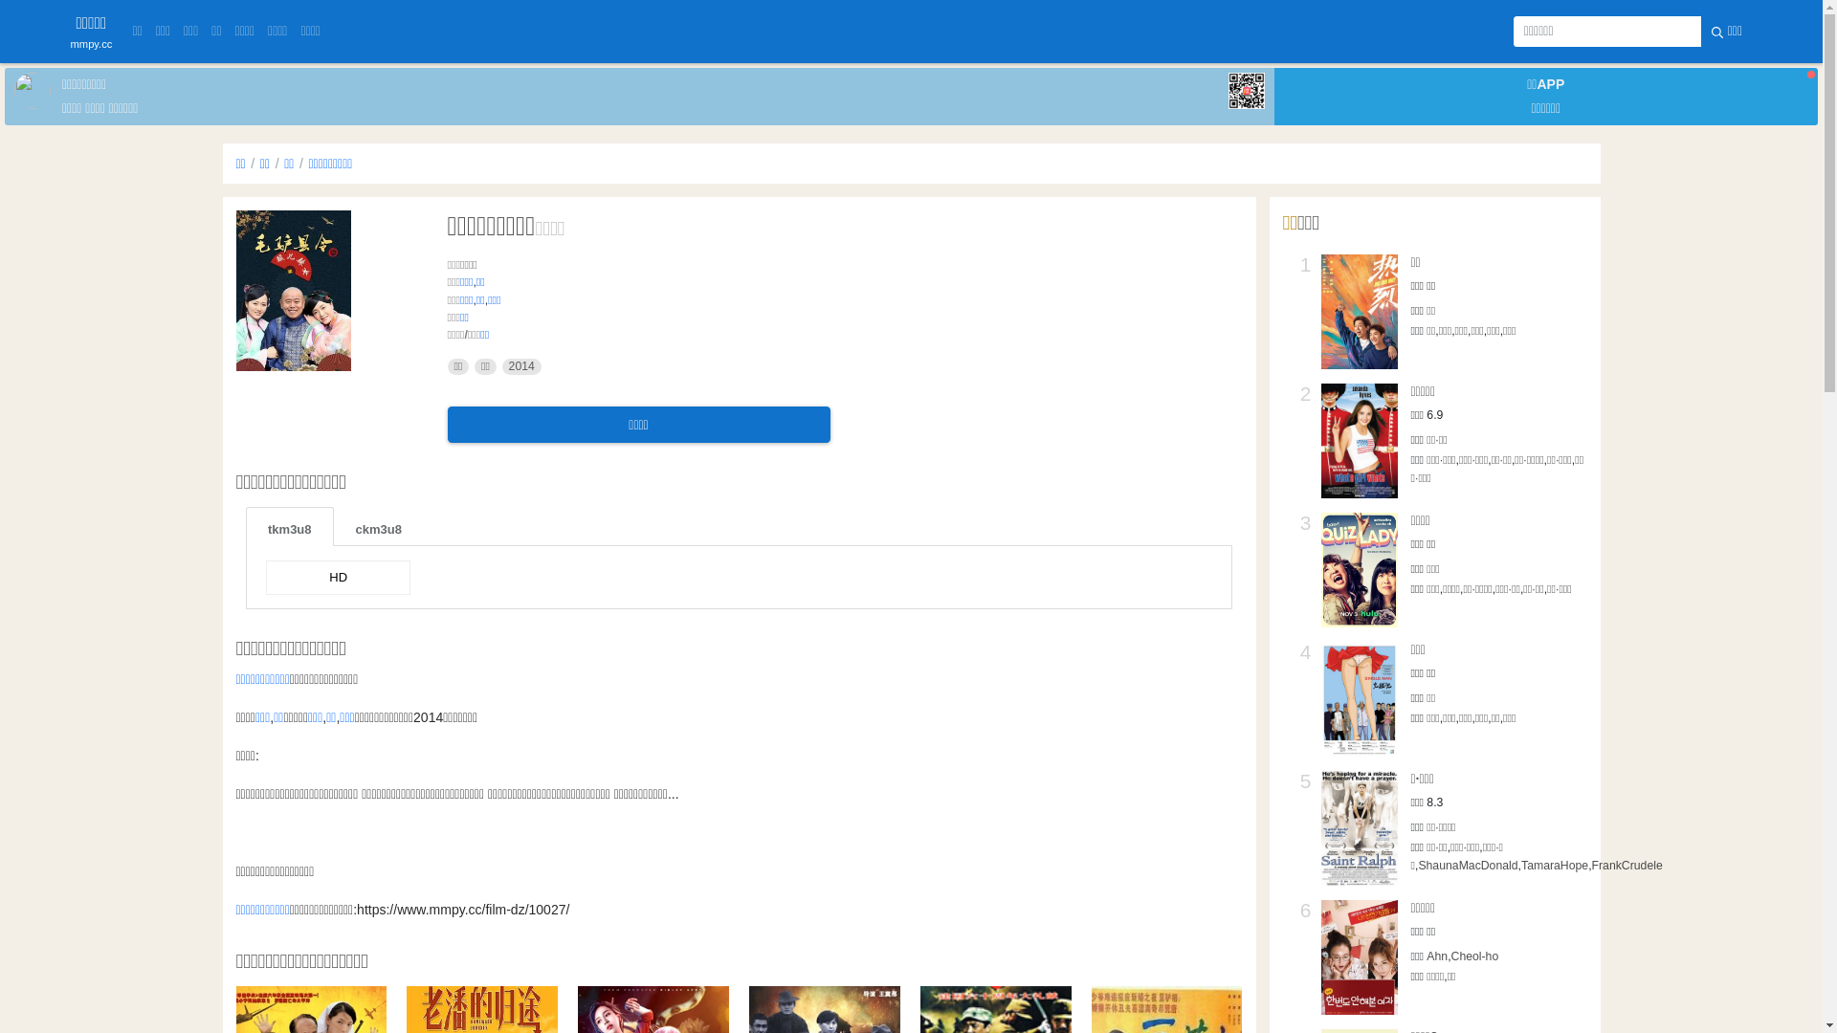  What do you see at coordinates (1555, 866) in the screenshot?
I see `'TamaraHope'` at bounding box center [1555, 866].